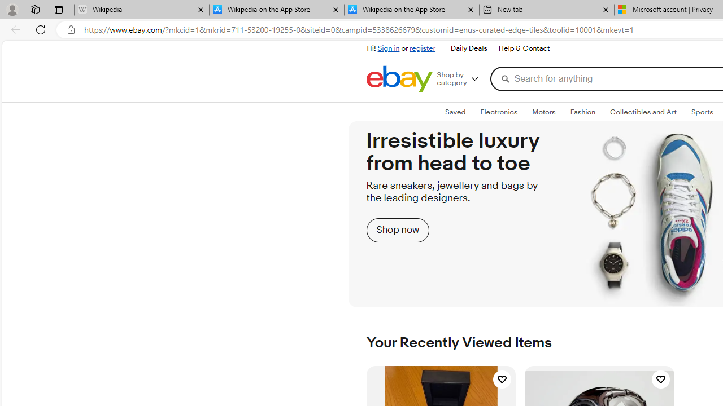 Image resolution: width=723 pixels, height=406 pixels. Describe the element at coordinates (498, 112) in the screenshot. I see `'ElectronicsExpand: Electronics'` at that location.